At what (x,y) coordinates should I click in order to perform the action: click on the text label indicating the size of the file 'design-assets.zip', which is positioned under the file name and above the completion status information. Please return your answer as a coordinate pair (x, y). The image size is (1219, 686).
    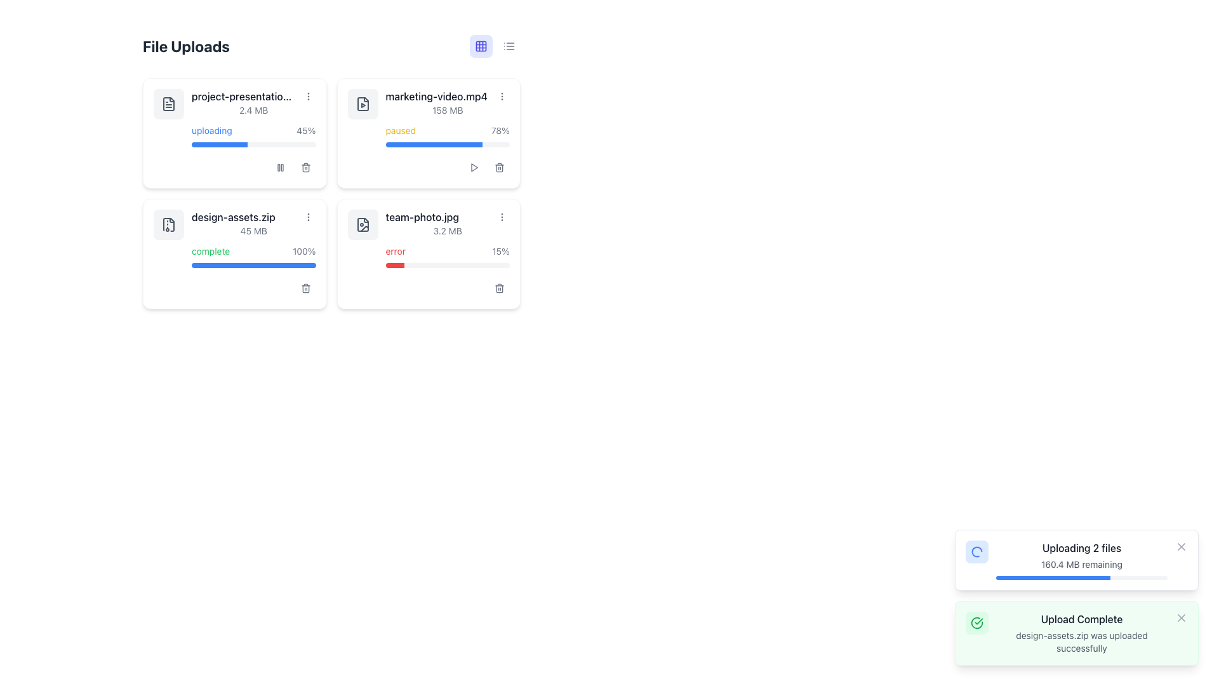
    Looking at the image, I should click on (253, 231).